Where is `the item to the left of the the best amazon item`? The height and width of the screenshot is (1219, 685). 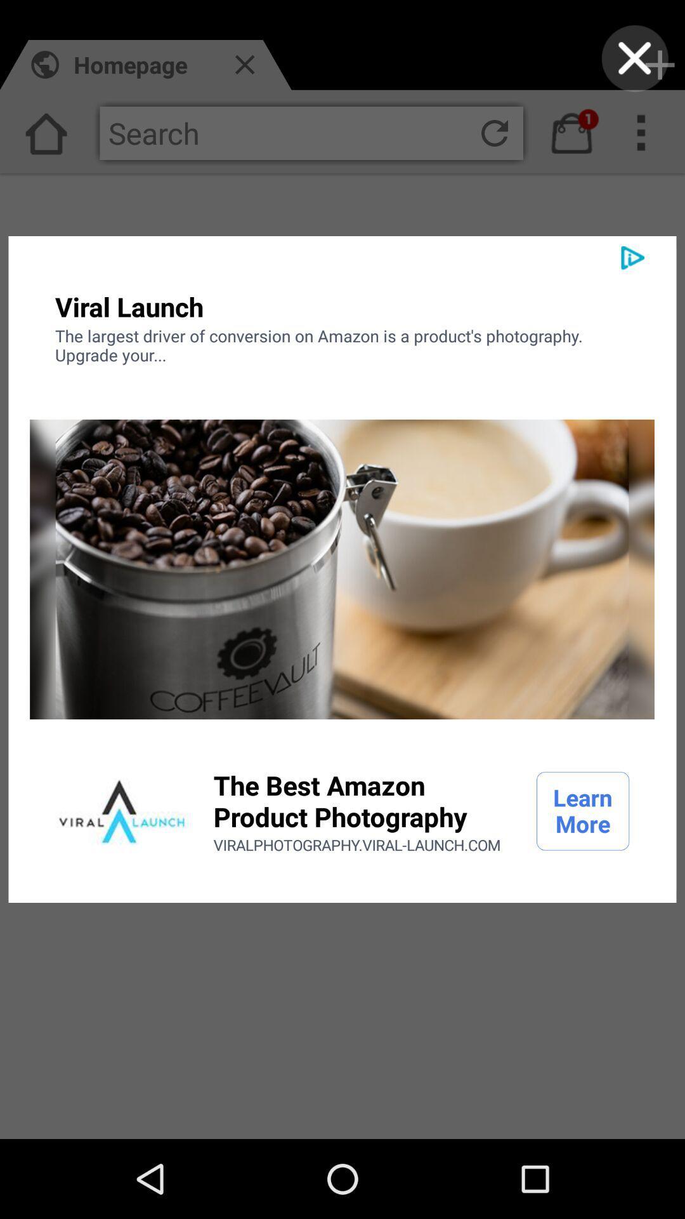 the item to the left of the the best amazon item is located at coordinates (122, 810).